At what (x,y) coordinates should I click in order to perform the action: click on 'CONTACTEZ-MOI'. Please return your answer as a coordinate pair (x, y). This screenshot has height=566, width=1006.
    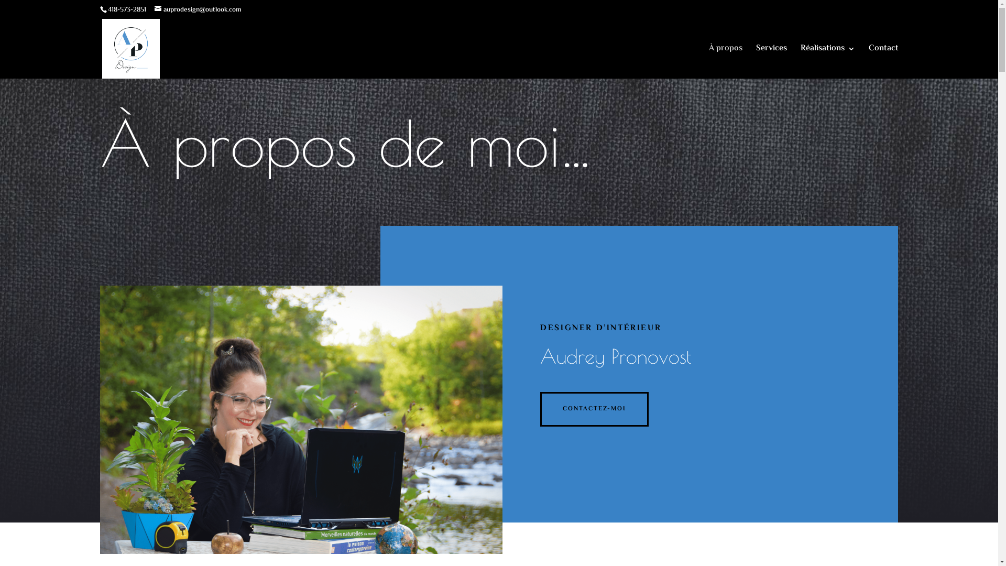
    Looking at the image, I should click on (594, 408).